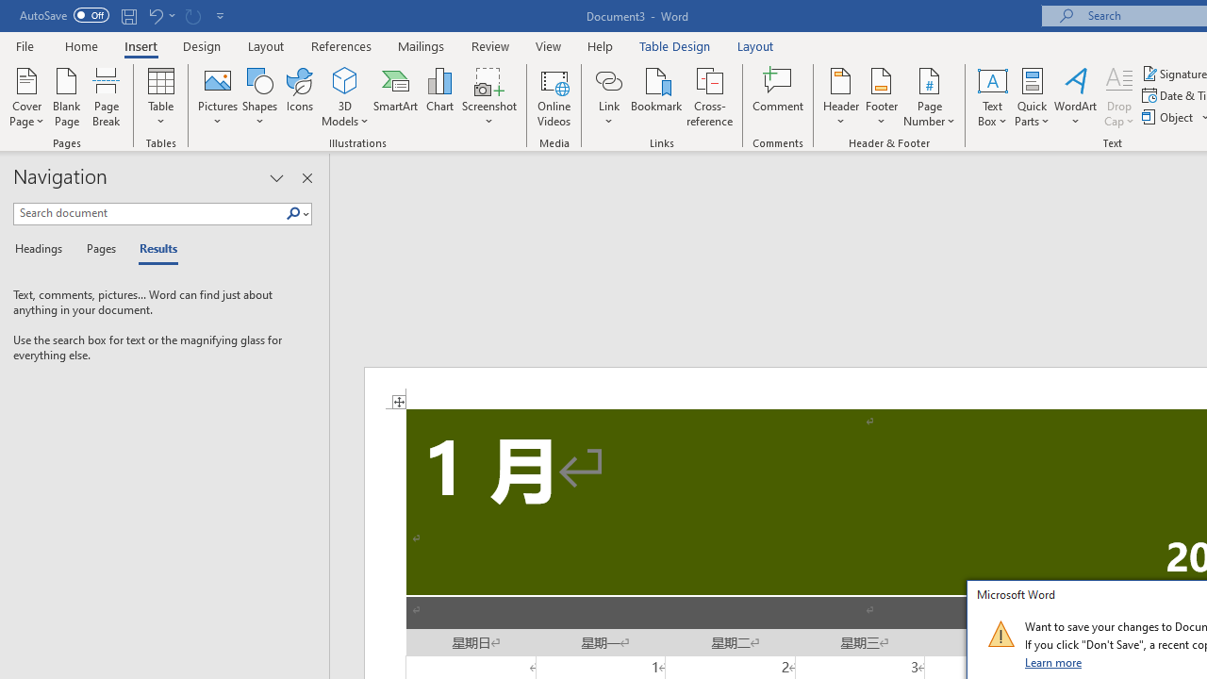 This screenshot has width=1207, height=679. Describe the element at coordinates (608, 79) in the screenshot. I see `'Link'` at that location.